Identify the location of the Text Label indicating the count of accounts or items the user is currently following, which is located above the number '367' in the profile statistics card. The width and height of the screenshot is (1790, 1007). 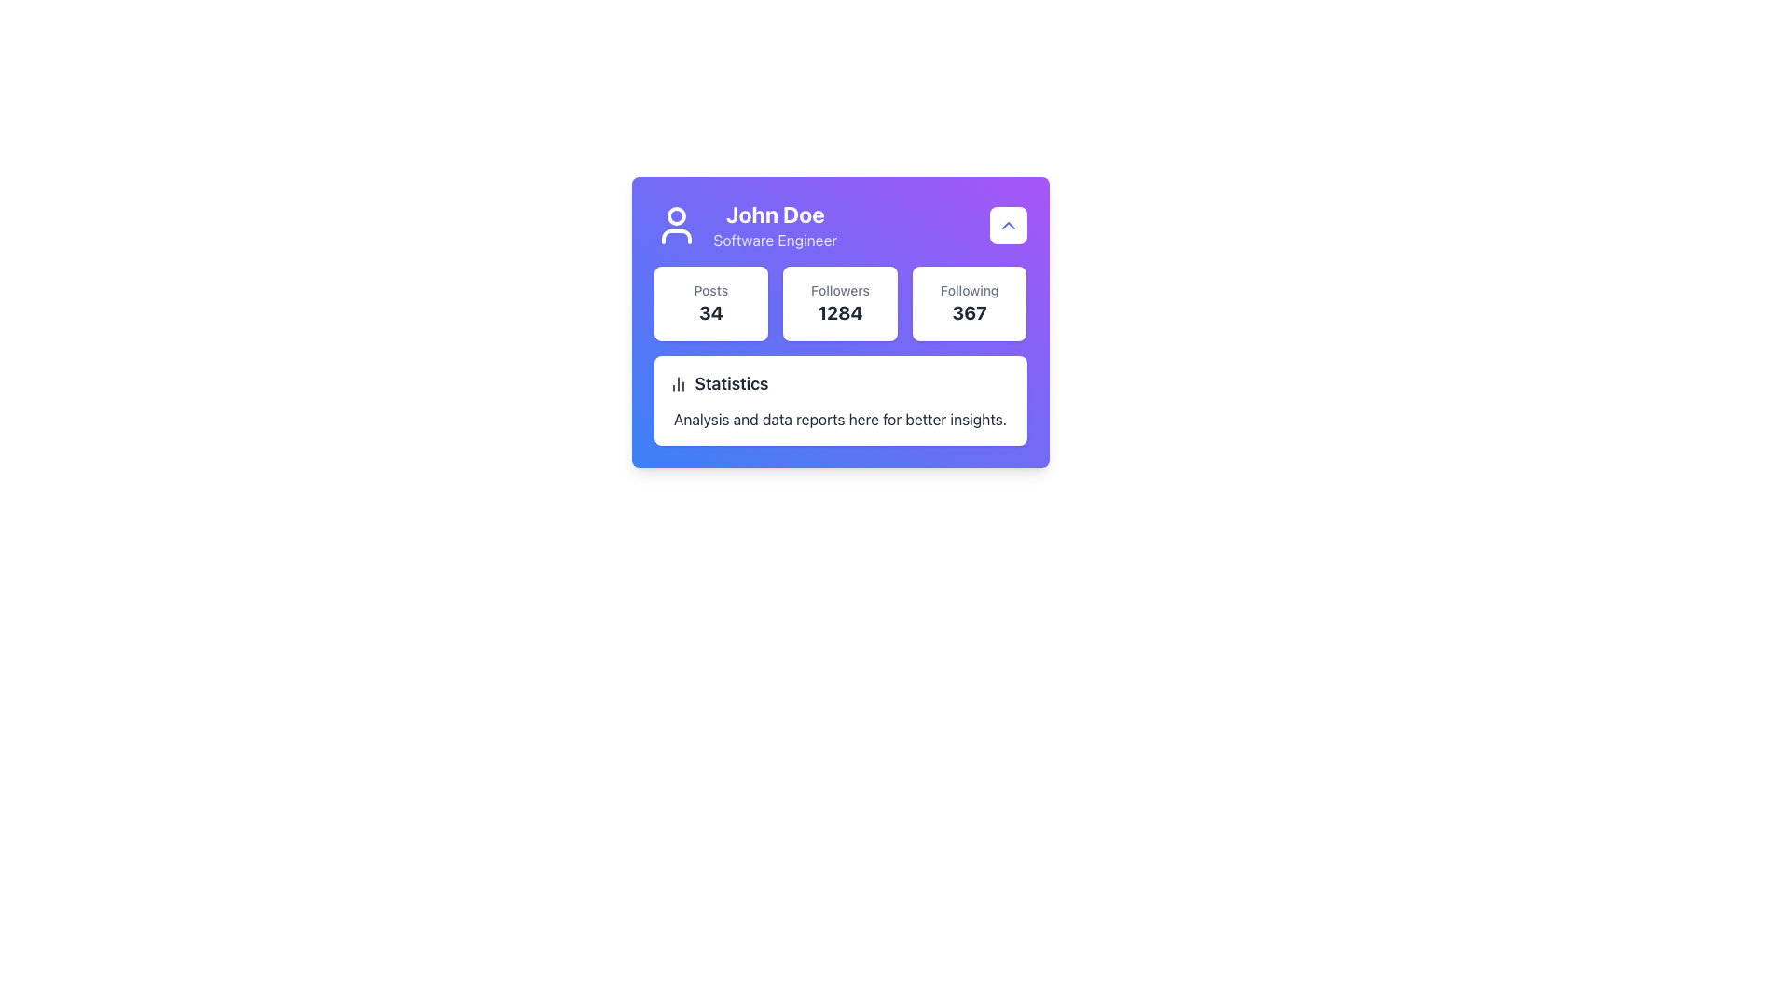
(970, 291).